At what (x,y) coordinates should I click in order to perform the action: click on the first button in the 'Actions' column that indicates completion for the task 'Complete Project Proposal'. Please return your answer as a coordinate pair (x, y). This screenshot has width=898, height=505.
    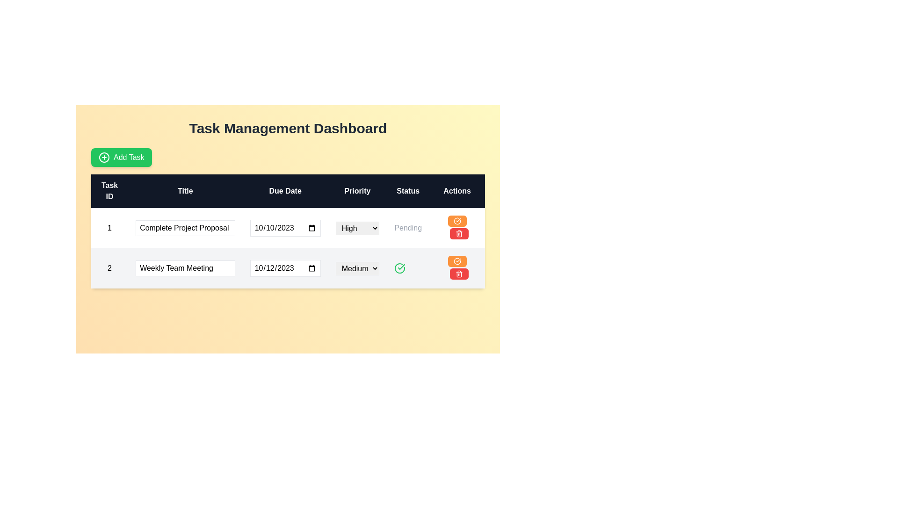
    Looking at the image, I should click on (457, 221).